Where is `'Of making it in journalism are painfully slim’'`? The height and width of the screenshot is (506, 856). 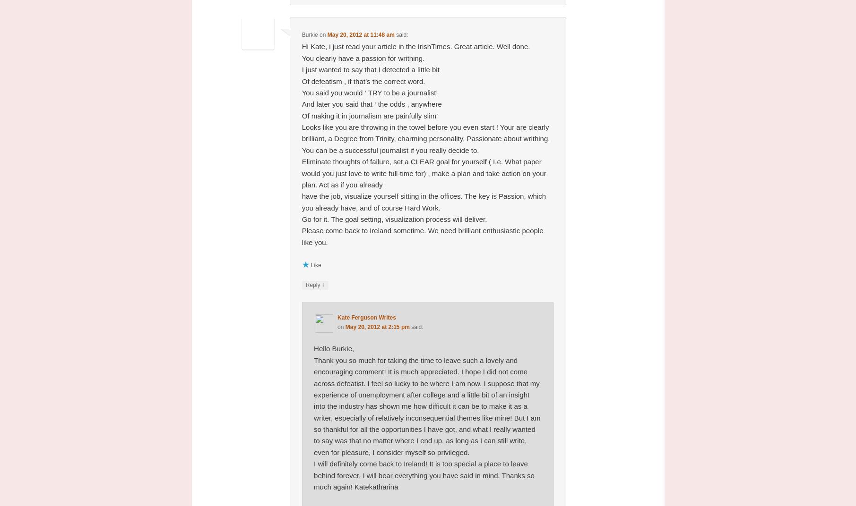 'Of making it in journalism are painfully slim’' is located at coordinates (369, 115).